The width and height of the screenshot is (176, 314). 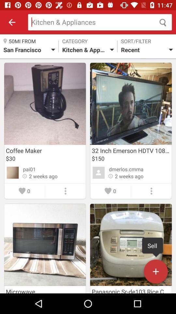 I want to click on search field, so click(x=100, y=22).